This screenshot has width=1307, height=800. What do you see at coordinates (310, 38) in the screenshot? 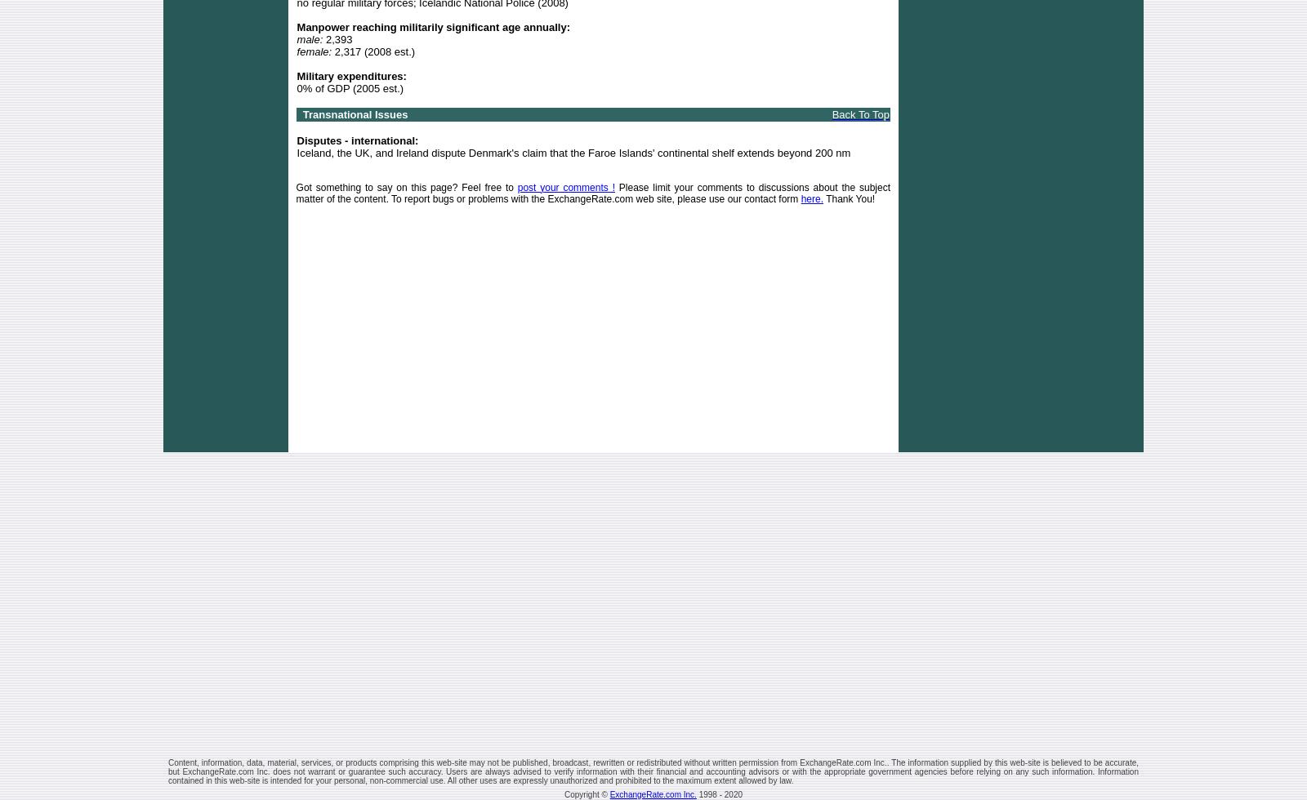
I see `'male:'` at bounding box center [310, 38].